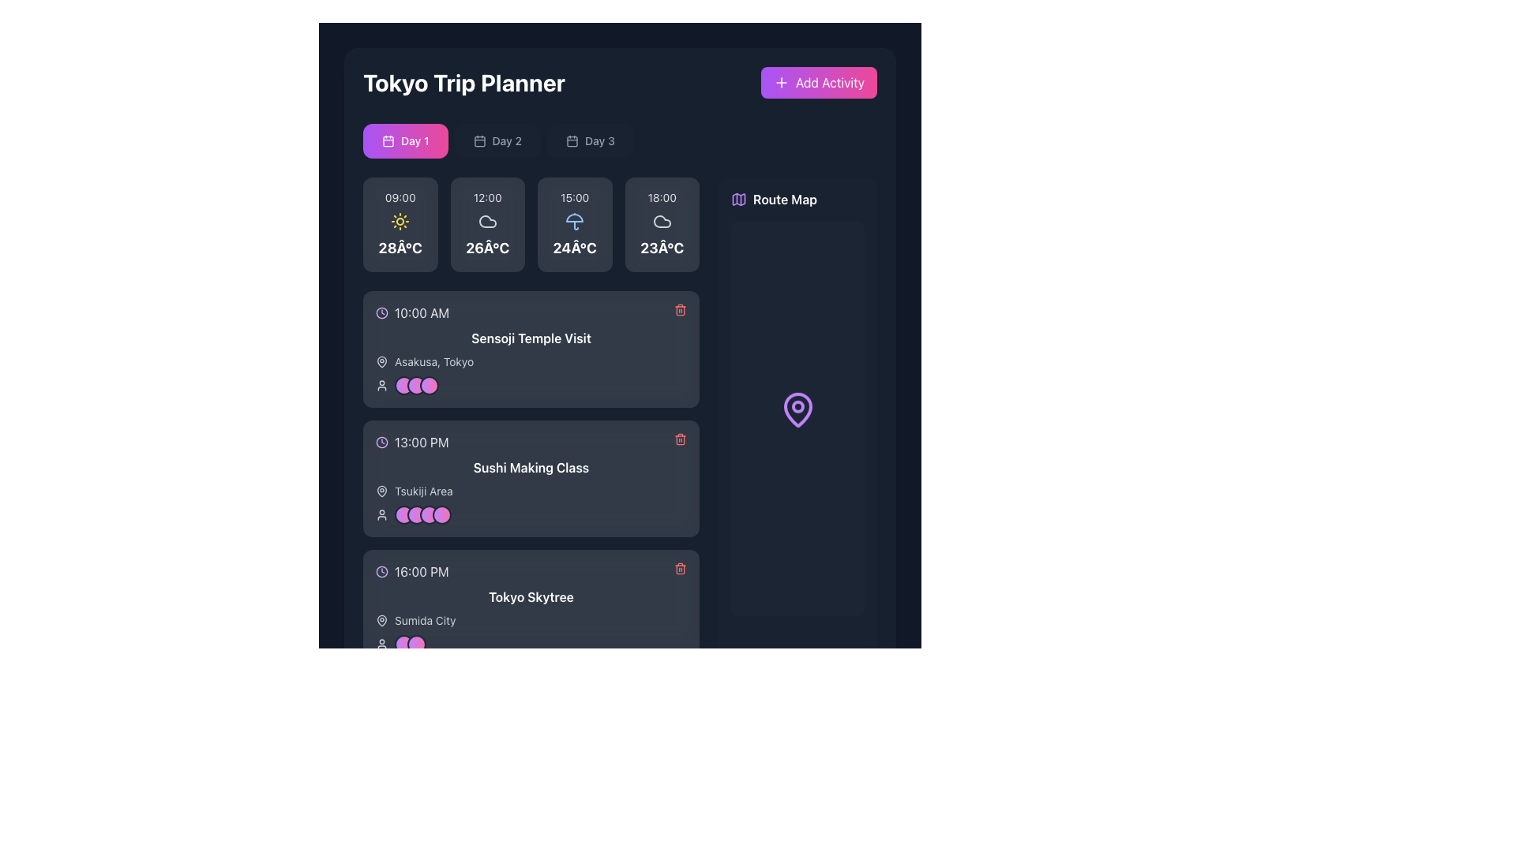 Image resolution: width=1516 pixels, height=852 pixels. Describe the element at coordinates (412, 572) in the screenshot. I see `the Label with icon displaying '16:00 PM' next to a clock icon in light gray on a dark background, located at the bottom of the activity list under 'Tokyo Skytree'` at that location.